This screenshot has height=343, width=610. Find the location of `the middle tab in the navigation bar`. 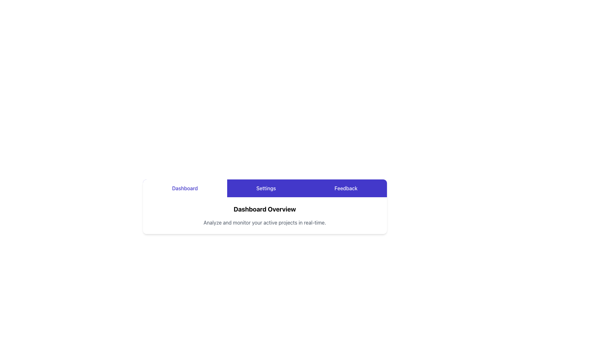

the middle tab in the navigation bar is located at coordinates (266, 188).